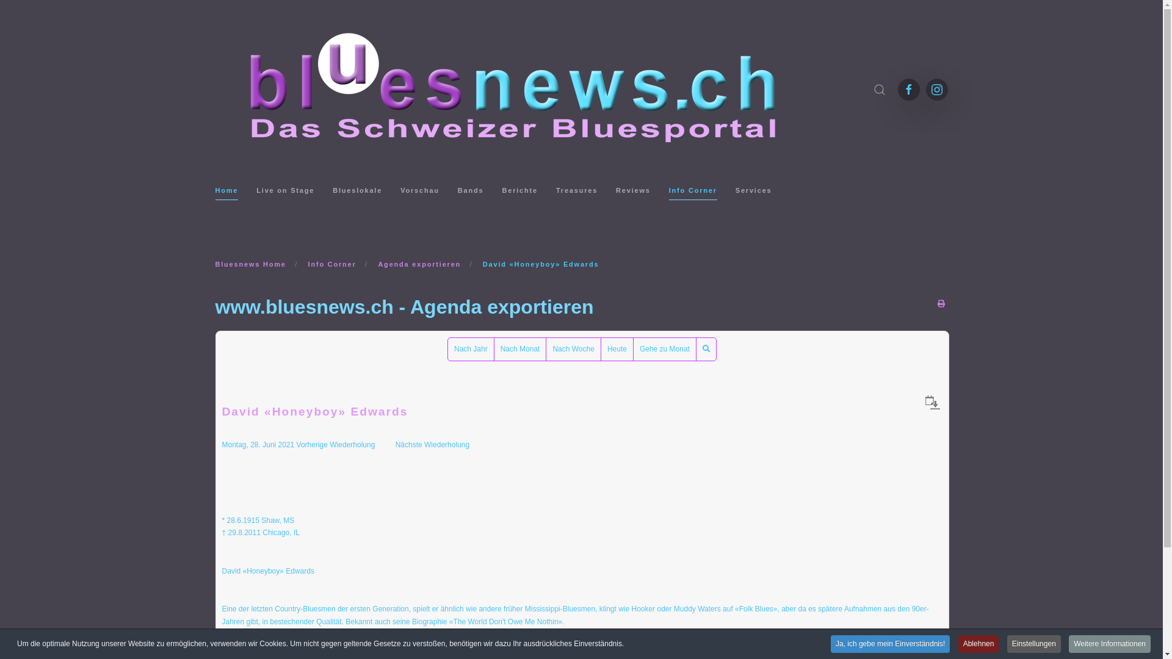 This screenshot has width=1172, height=659. What do you see at coordinates (284, 190) in the screenshot?
I see `'Live on Stage'` at bounding box center [284, 190].